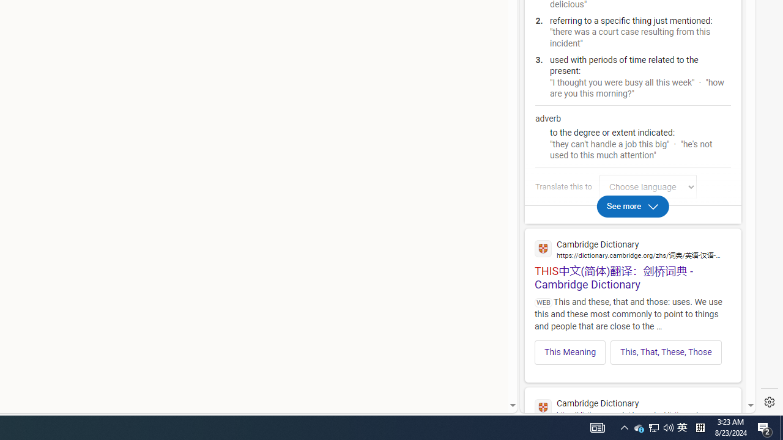  Describe the element at coordinates (633, 348) in the screenshot. I see `'This MeaningThis, That, These, Those'` at that location.